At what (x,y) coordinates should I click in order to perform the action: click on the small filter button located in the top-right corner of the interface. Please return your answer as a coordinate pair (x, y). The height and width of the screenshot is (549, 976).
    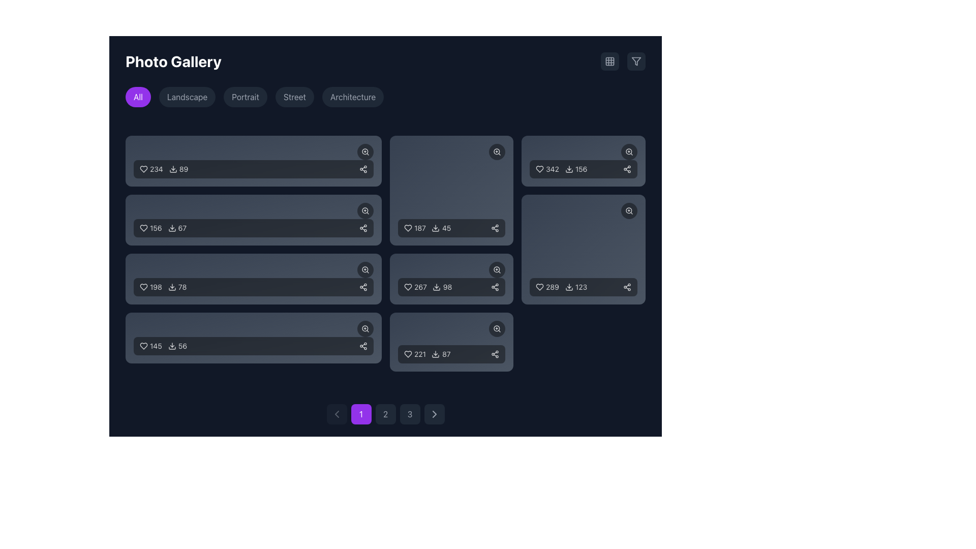
    Looking at the image, I should click on (636, 61).